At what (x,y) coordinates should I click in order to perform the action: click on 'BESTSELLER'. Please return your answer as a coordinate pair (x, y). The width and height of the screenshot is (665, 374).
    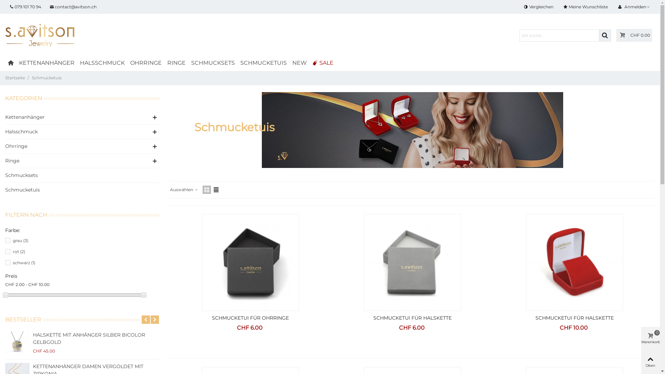
    Looking at the image, I should click on (5, 319).